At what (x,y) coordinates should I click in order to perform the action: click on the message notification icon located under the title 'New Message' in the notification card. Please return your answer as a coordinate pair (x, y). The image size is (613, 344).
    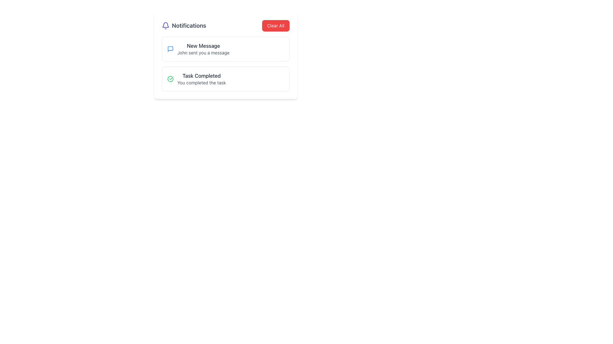
    Looking at the image, I should click on (170, 49).